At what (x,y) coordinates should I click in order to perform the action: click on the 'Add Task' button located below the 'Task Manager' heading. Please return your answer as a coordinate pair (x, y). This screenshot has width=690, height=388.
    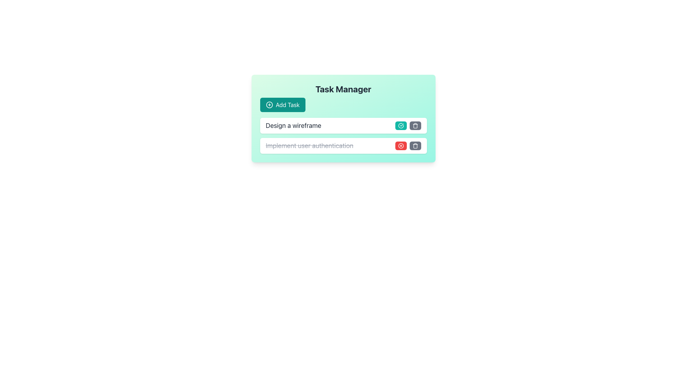
    Looking at the image, I should click on (282, 105).